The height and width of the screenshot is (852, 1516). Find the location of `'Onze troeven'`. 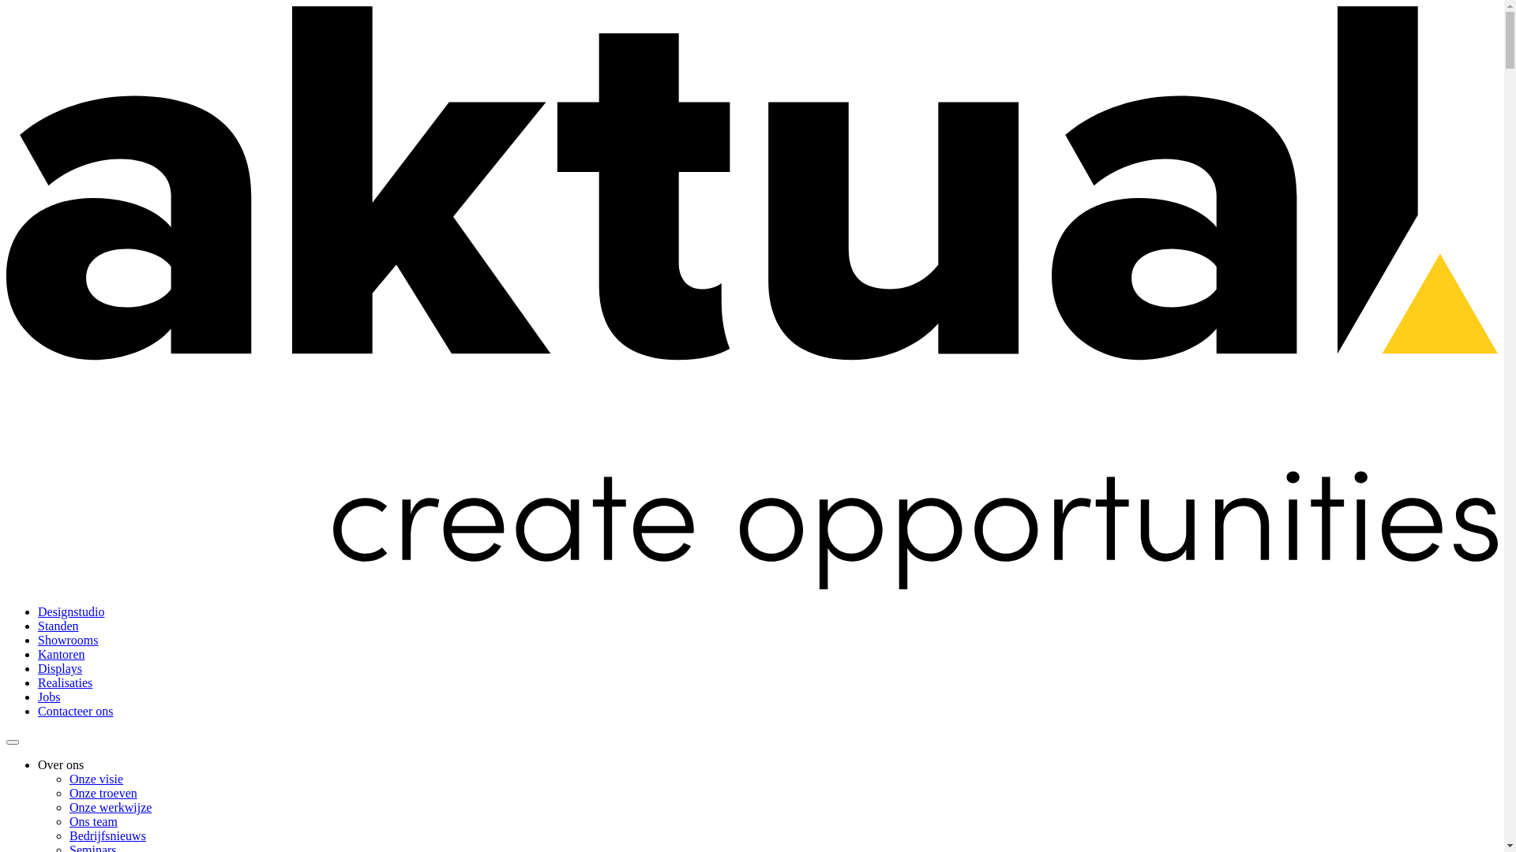

'Onze troeven' is located at coordinates (102, 793).